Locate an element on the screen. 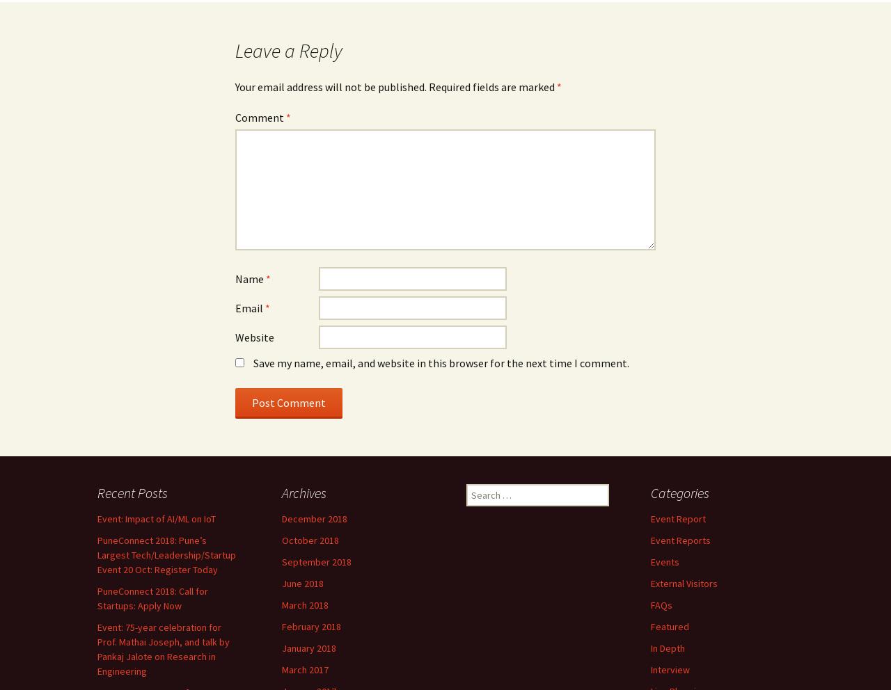  'Event Report' is located at coordinates (678, 517).